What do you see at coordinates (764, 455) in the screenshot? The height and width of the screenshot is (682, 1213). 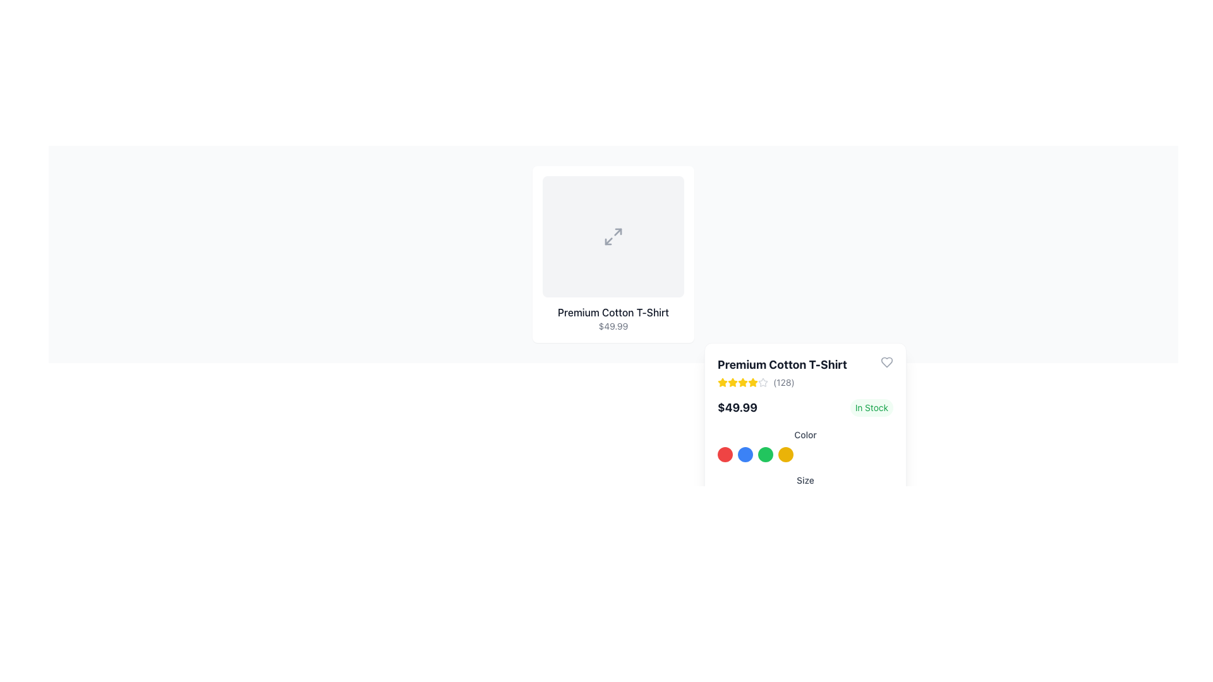 I see `the small circular icon with a green background` at bounding box center [764, 455].